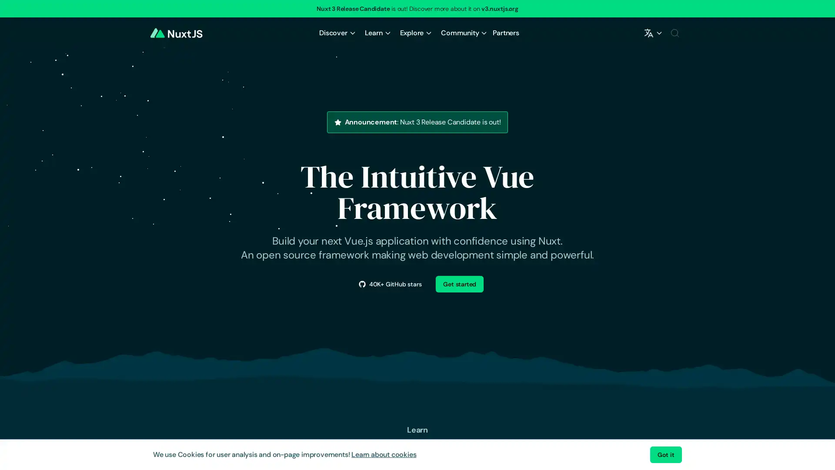 The height and width of the screenshot is (470, 835). Describe the element at coordinates (665, 454) in the screenshot. I see `Got it` at that location.